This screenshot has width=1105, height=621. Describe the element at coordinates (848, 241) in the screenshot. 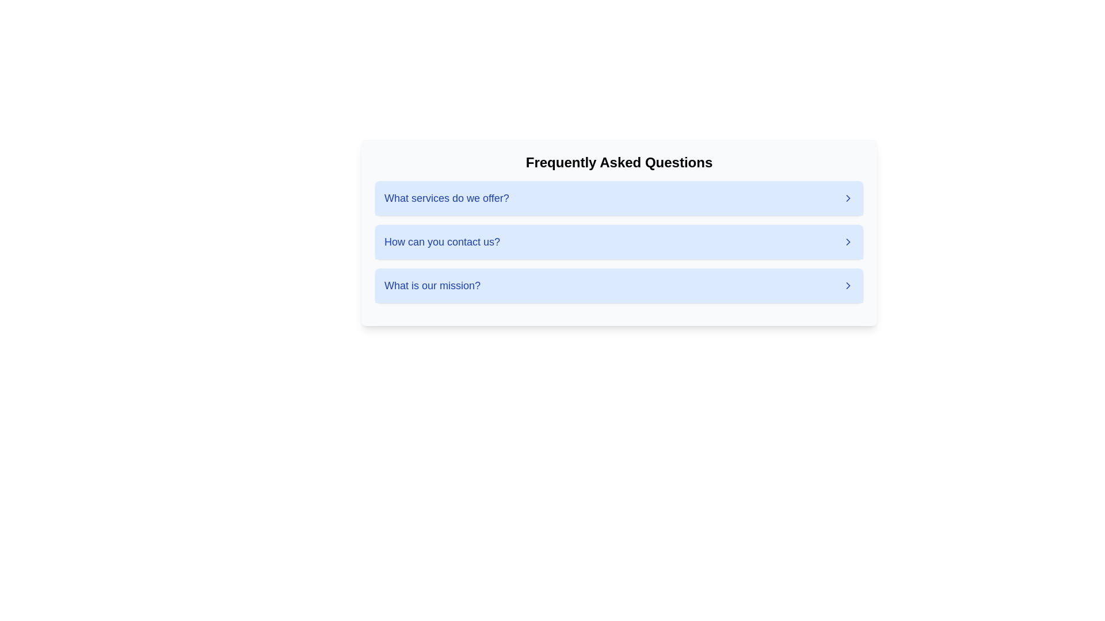

I see `the right arrow icon associated with the second item in the Frequently Asked Questions list` at that location.